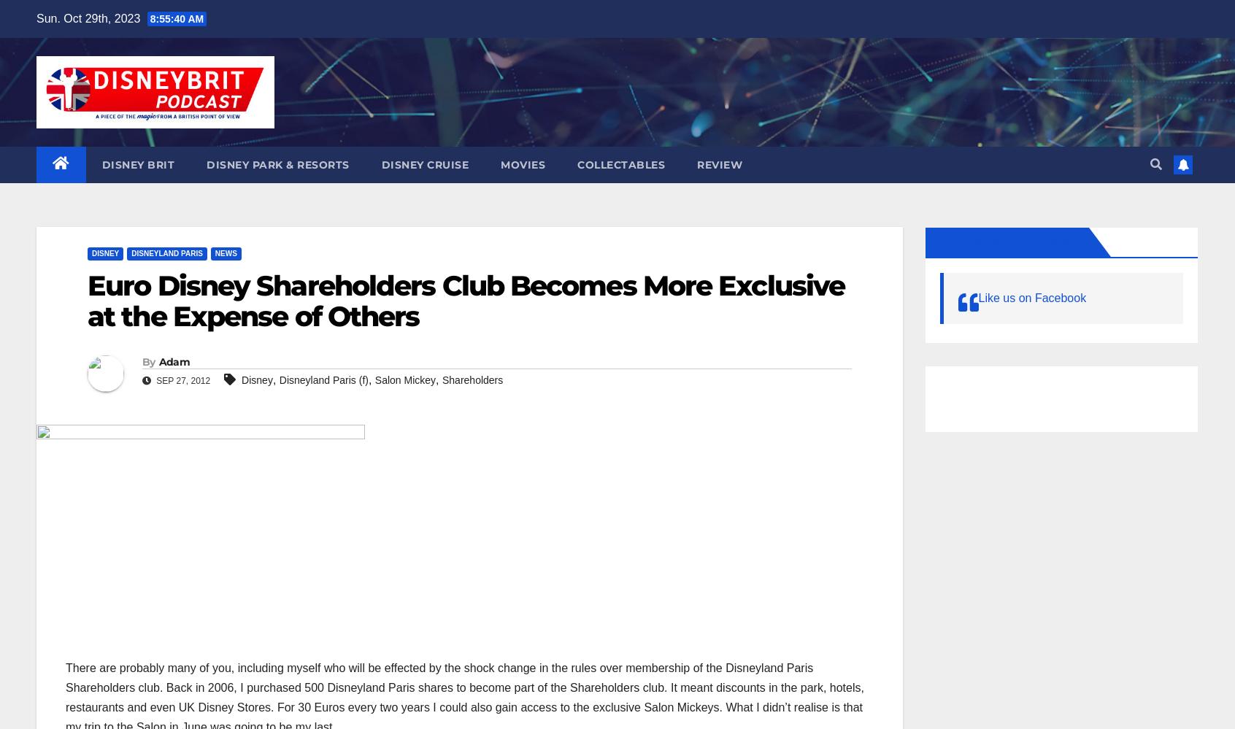 The width and height of the screenshot is (1235, 729). Describe the element at coordinates (719, 164) in the screenshot. I see `'Review'` at that location.